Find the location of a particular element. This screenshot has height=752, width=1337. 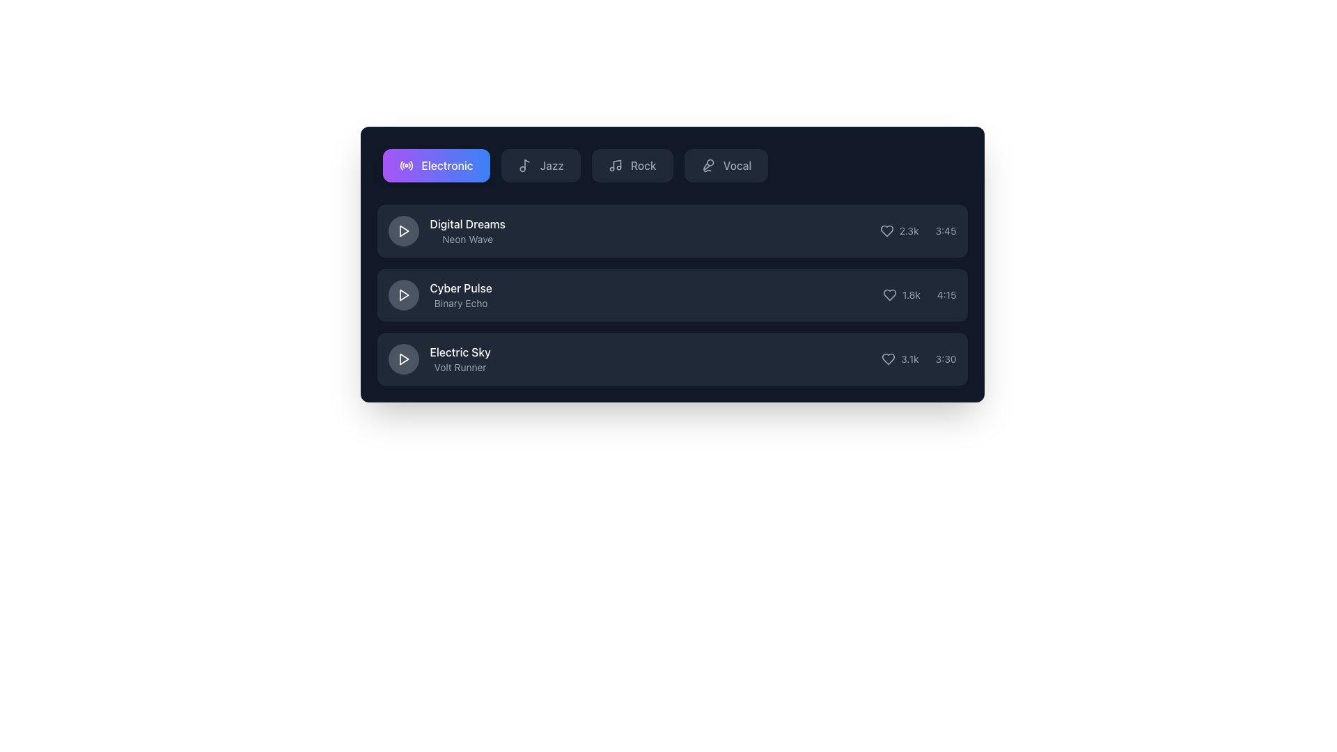

the microphone icon located in the 'Vocal' tab, positioned to the left of the 'Vocal' label in the navigation section of the interface is located at coordinates (707, 165).